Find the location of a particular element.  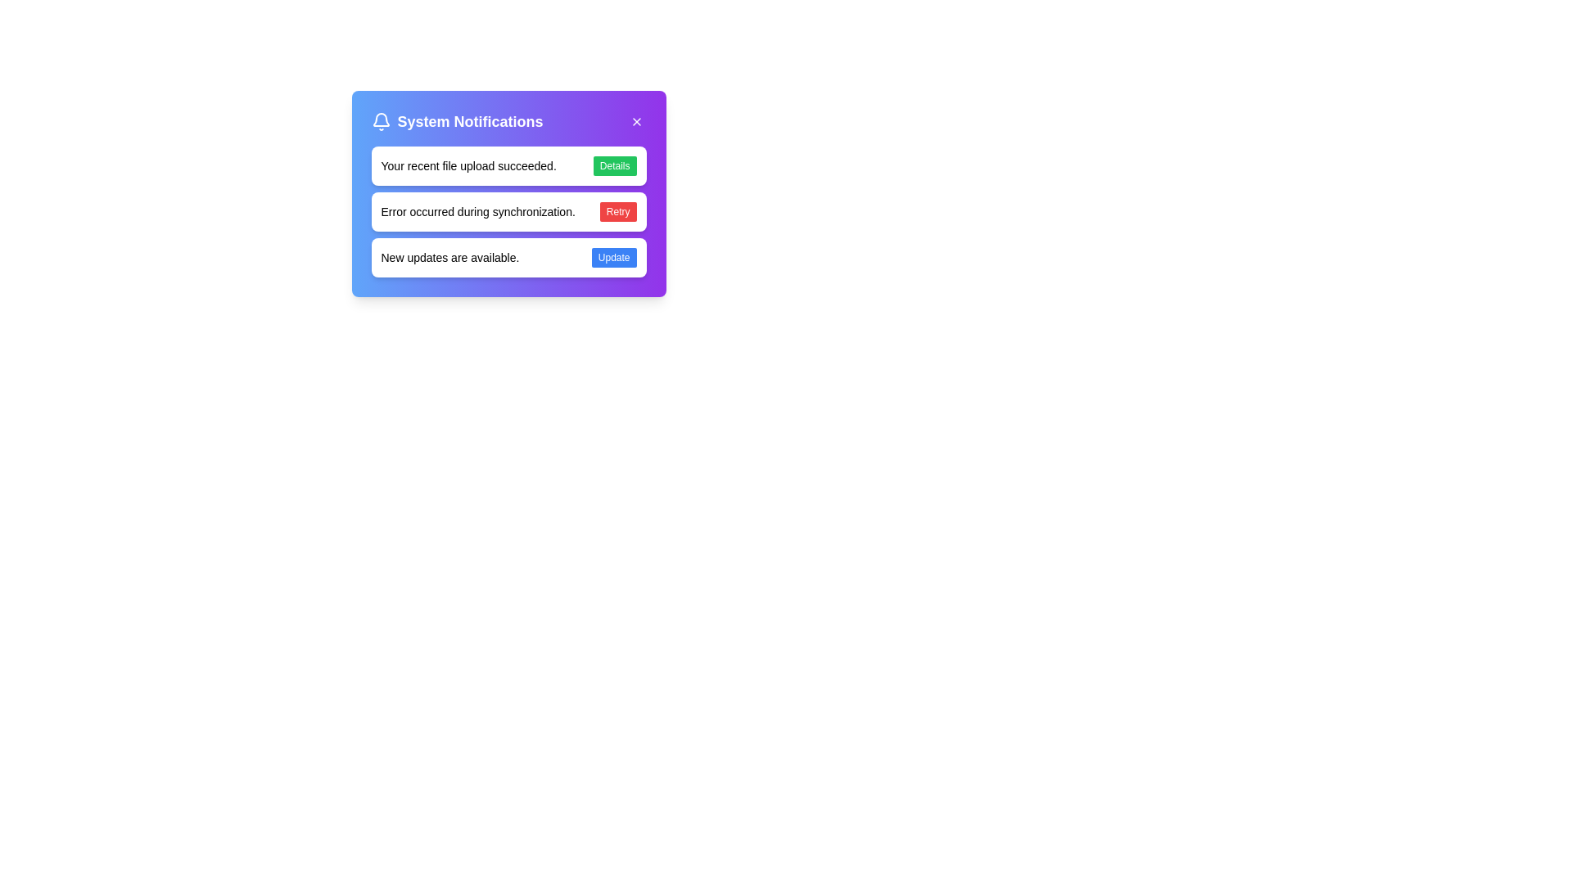

the 'Update' button, which is a small rectangular button with a blue background and white text, located on the far right of the notification box that states 'New updates are available.' is located at coordinates (613, 258).